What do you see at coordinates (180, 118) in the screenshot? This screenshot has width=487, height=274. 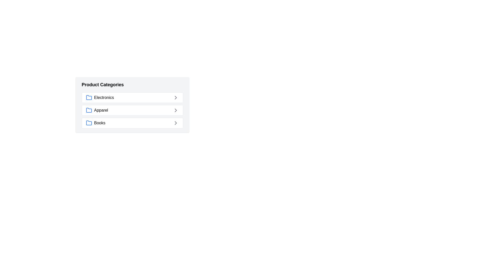 I see `a row in the List component displaying 'Product Categories'` at bounding box center [180, 118].